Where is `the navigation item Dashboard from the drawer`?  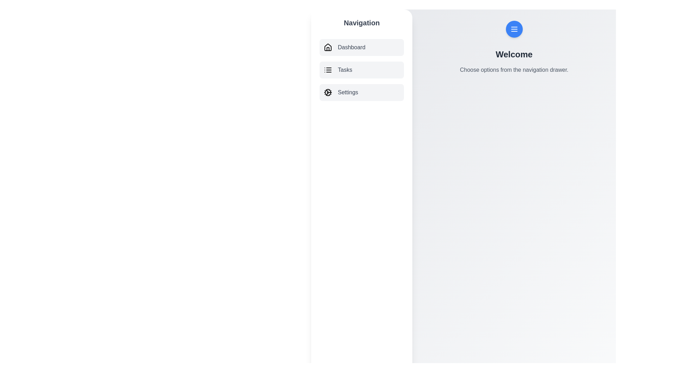 the navigation item Dashboard from the drawer is located at coordinates (361, 47).